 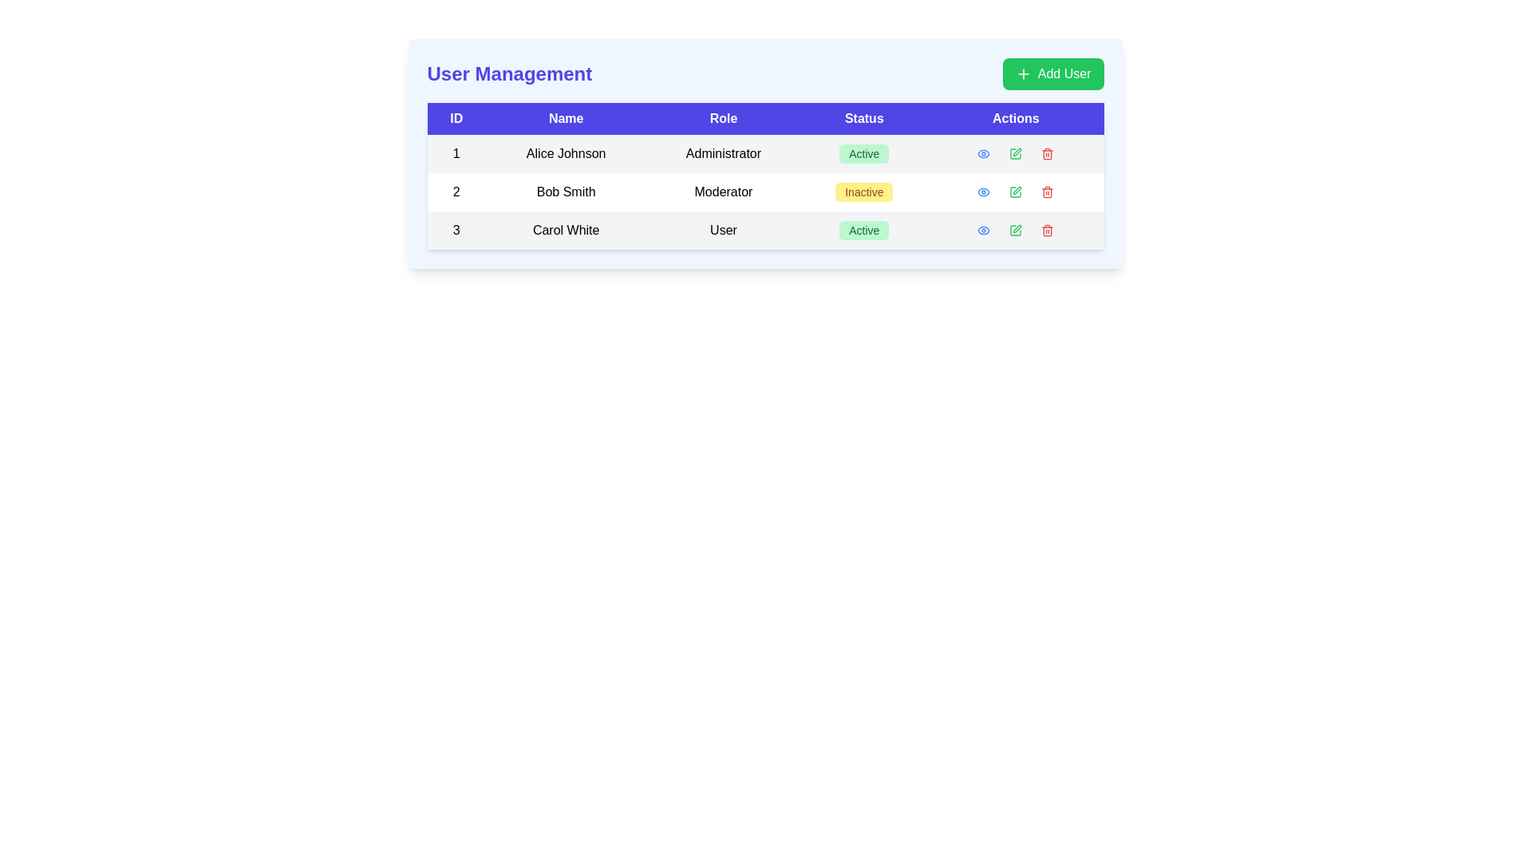 I want to click on the 'edit' icon in the Actions column of the User Management table for the second row corresponding to 'Bob Smith', so click(x=1017, y=190).